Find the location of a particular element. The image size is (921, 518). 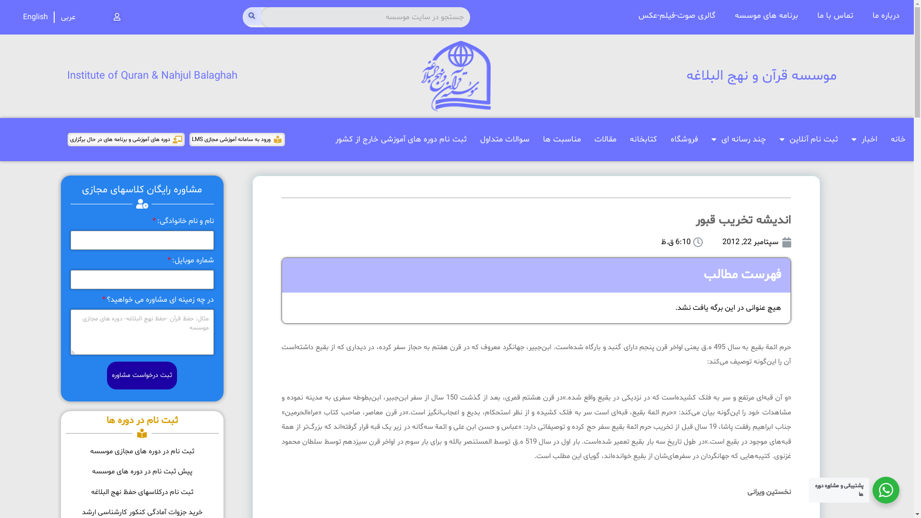

'English' is located at coordinates (35, 17).